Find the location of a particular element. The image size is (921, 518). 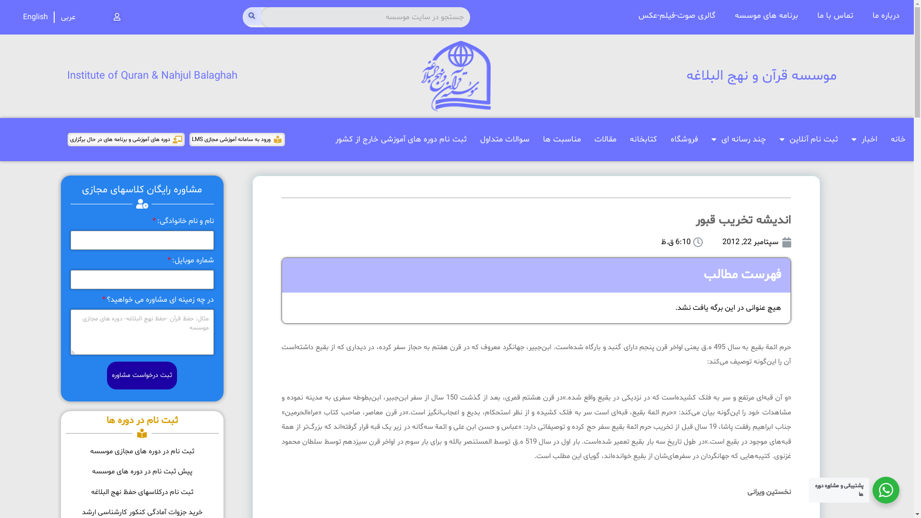

'English' is located at coordinates (35, 17).